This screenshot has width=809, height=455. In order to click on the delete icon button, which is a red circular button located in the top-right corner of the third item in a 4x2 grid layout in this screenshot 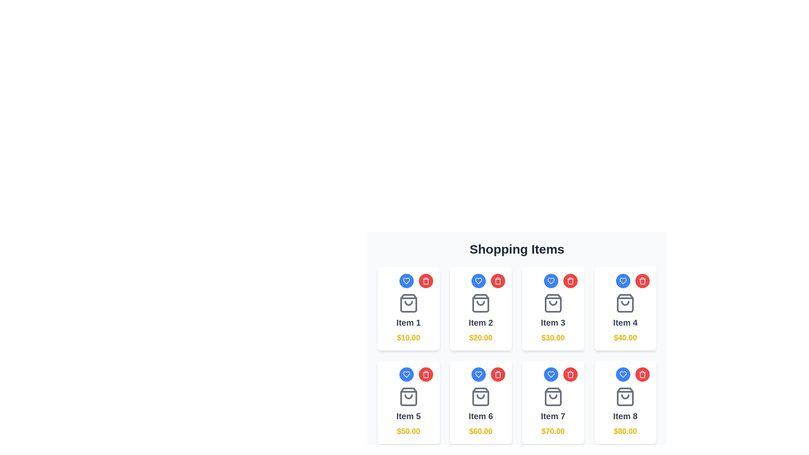, I will do `click(570, 281)`.